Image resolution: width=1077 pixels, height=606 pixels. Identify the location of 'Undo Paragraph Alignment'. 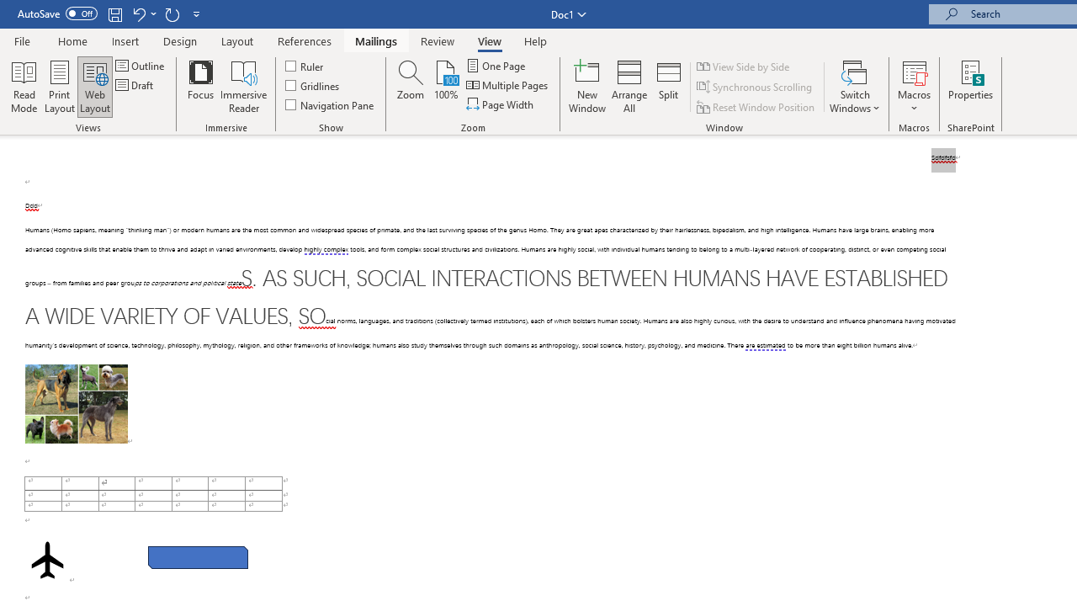
(138, 13).